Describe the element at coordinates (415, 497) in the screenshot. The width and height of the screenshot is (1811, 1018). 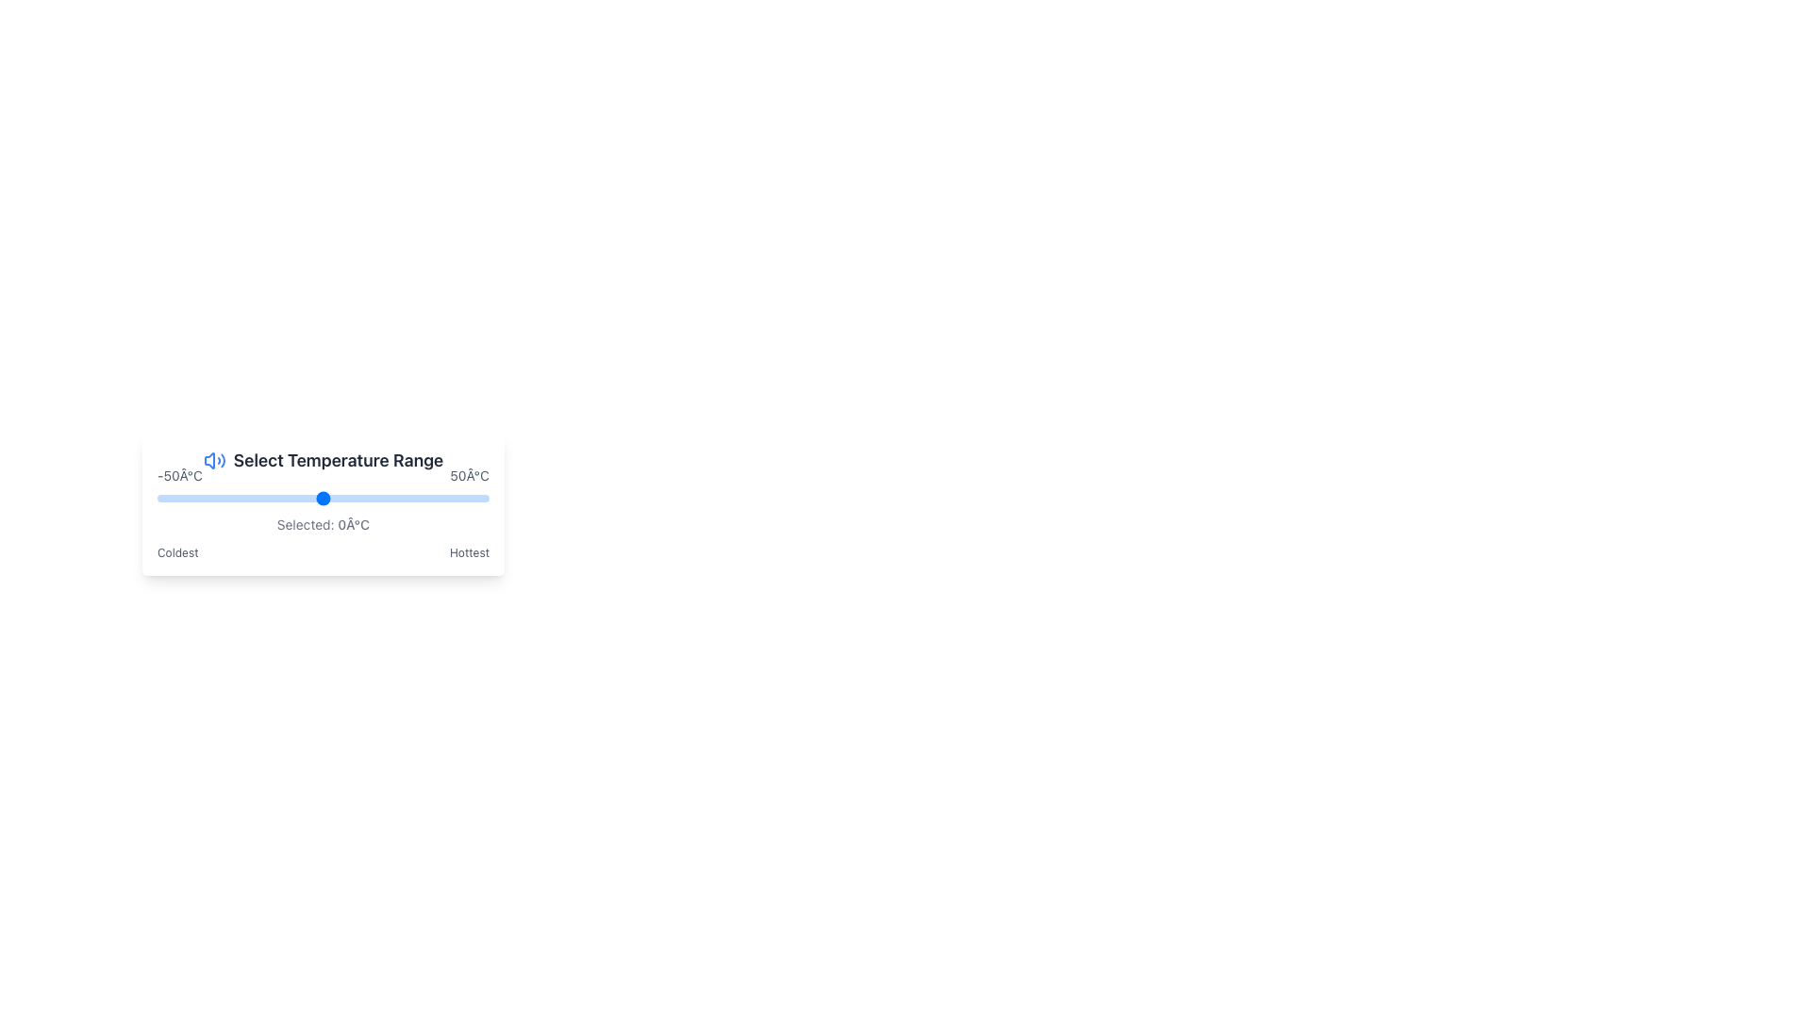
I see `the temperature slider` at that location.